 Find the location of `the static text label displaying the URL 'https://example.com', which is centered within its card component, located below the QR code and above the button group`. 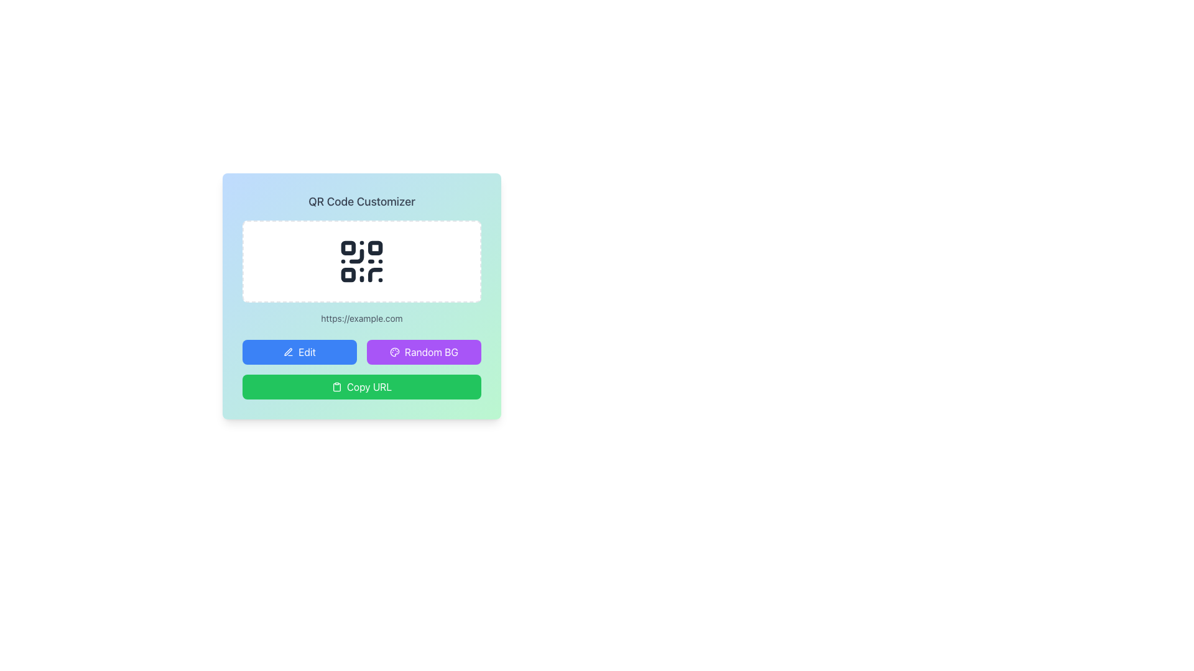

the static text label displaying the URL 'https://example.com', which is centered within its card component, located below the QR code and above the button group is located at coordinates (361, 318).